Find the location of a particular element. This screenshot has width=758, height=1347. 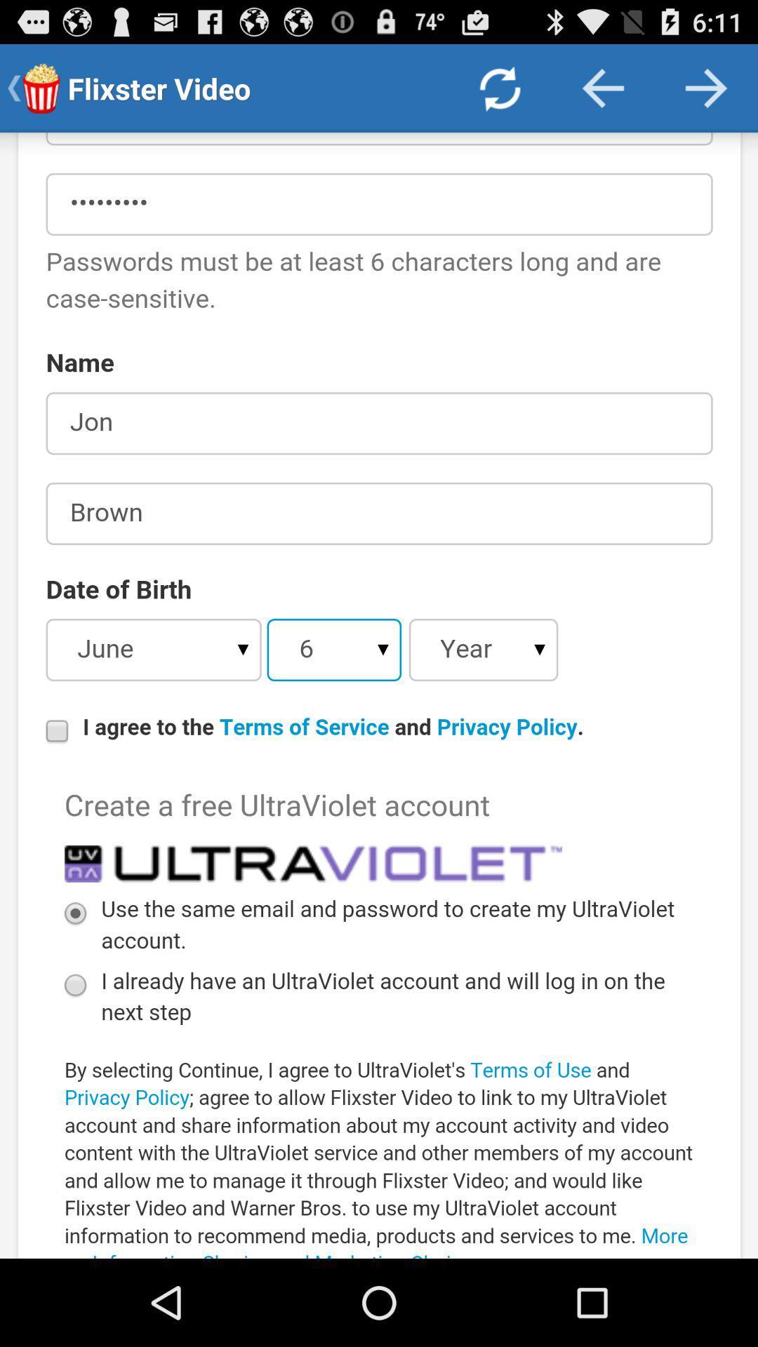

fill the form is located at coordinates (379, 695).